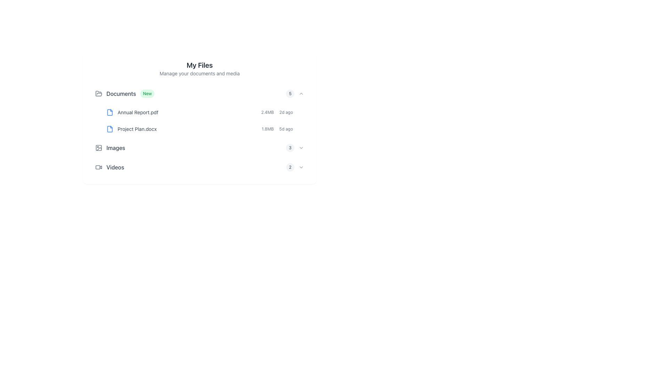 The height and width of the screenshot is (375, 668). I want to click on the fourth row list item in the 'My Files' section, so click(199, 167).